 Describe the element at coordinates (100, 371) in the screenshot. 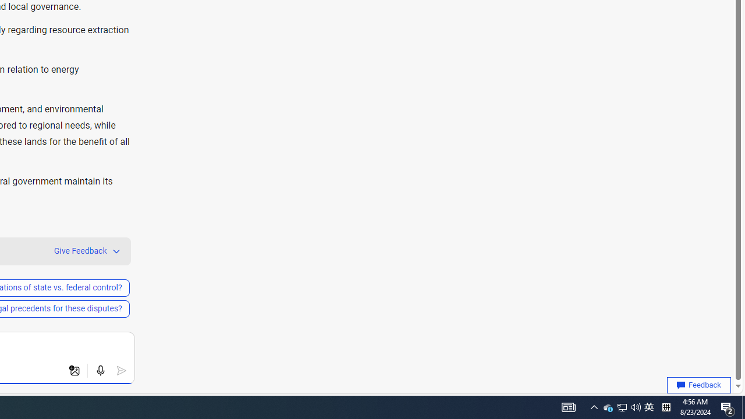

I see `'Use microphone'` at that location.